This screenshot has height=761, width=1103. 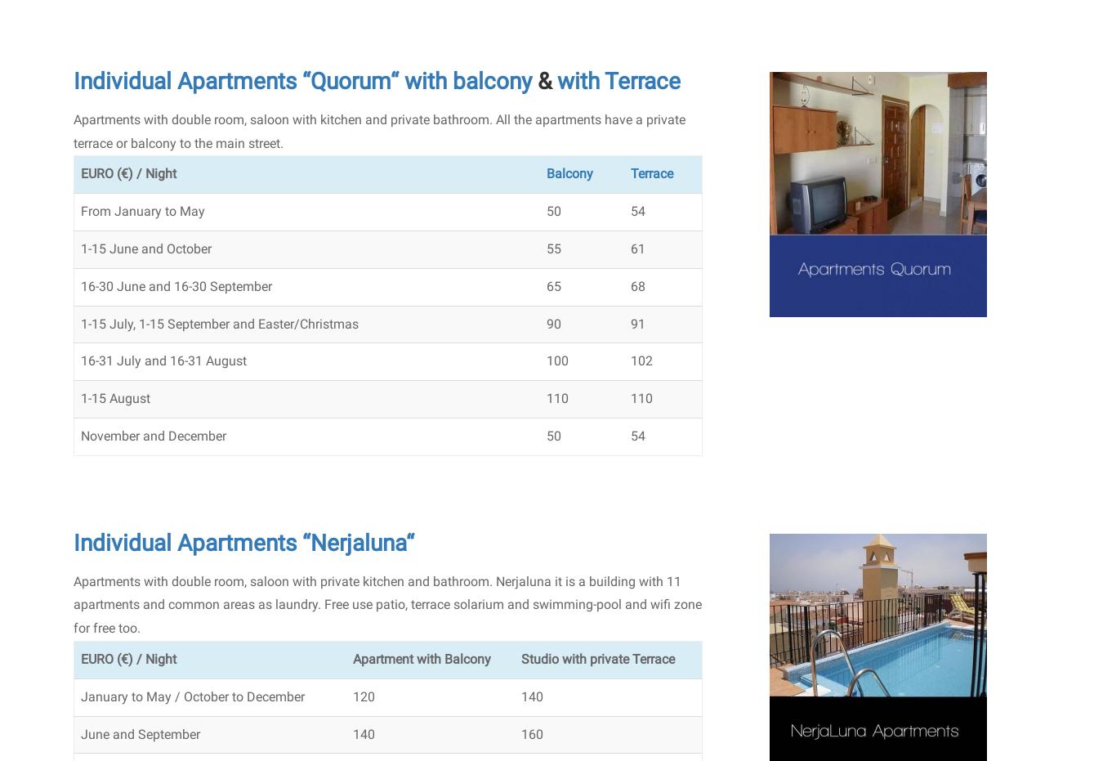 What do you see at coordinates (545, 248) in the screenshot?
I see `'55'` at bounding box center [545, 248].